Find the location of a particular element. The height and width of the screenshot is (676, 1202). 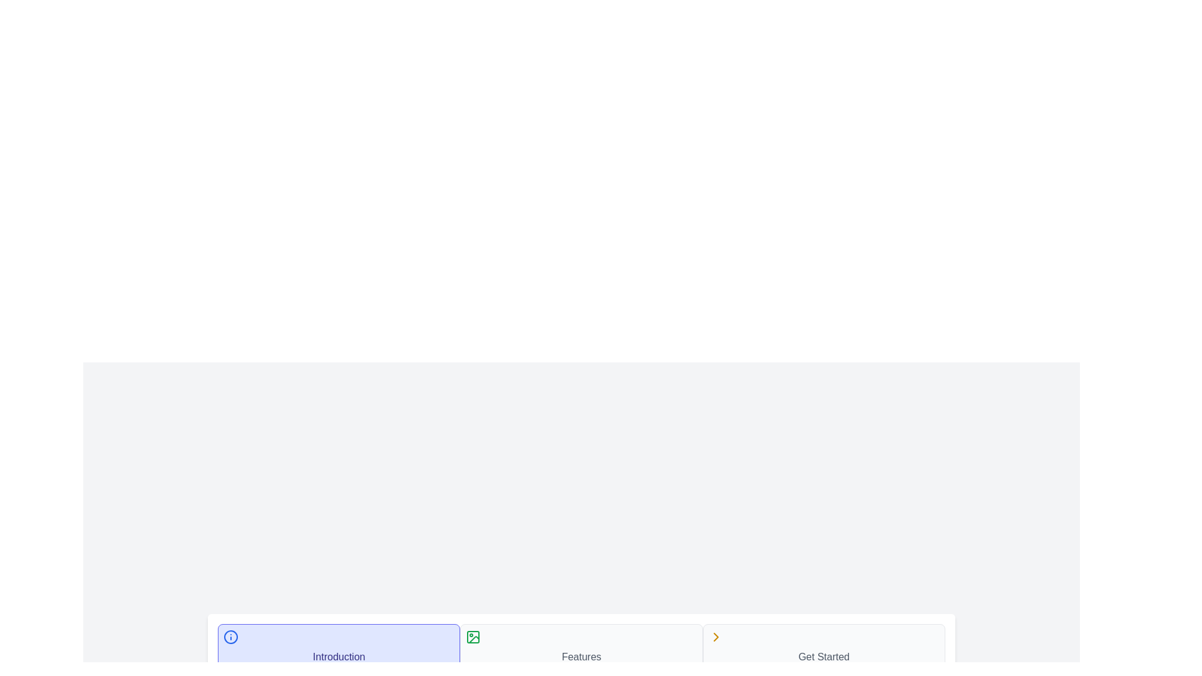

the icon of step 1 is located at coordinates (231, 637).